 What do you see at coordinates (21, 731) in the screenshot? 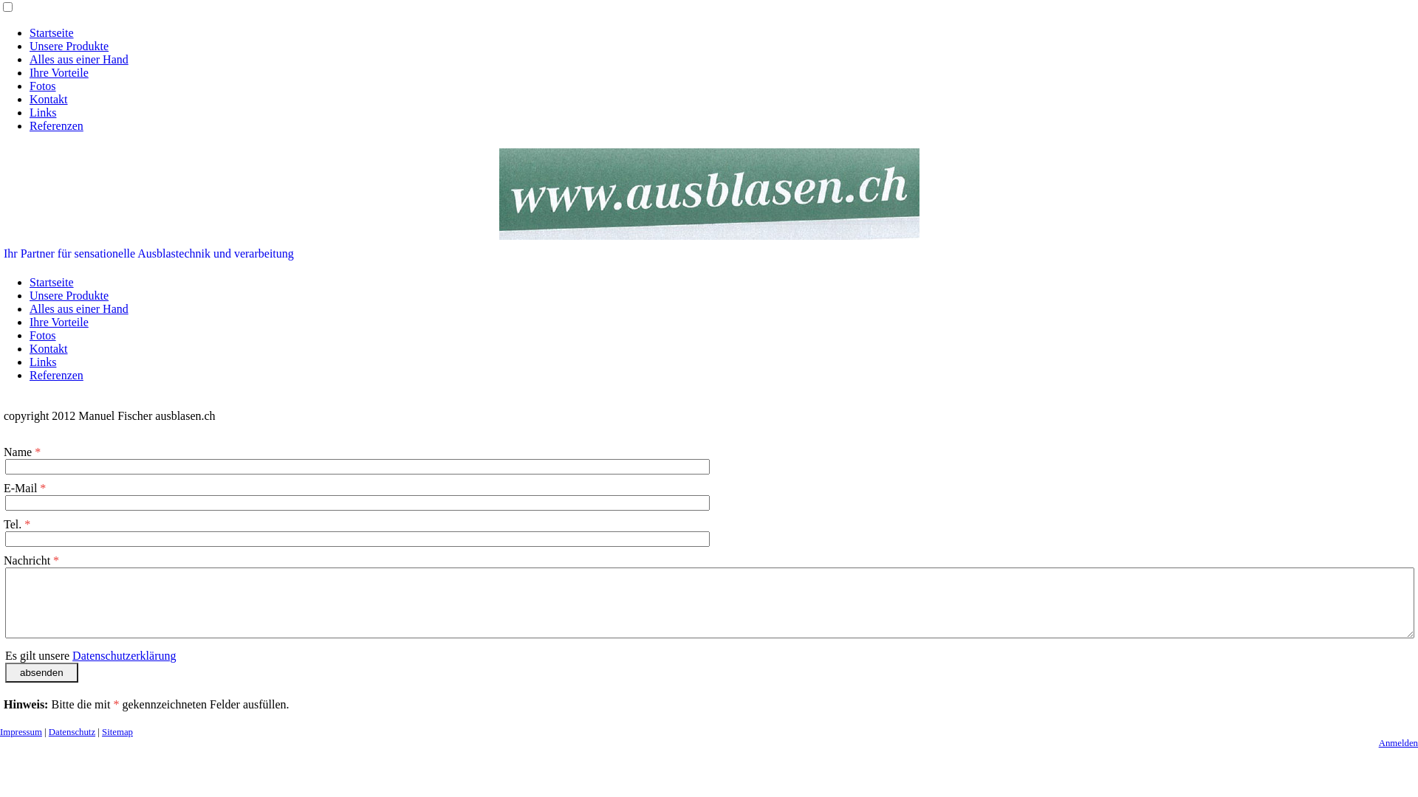
I see `'Impressum'` at bounding box center [21, 731].